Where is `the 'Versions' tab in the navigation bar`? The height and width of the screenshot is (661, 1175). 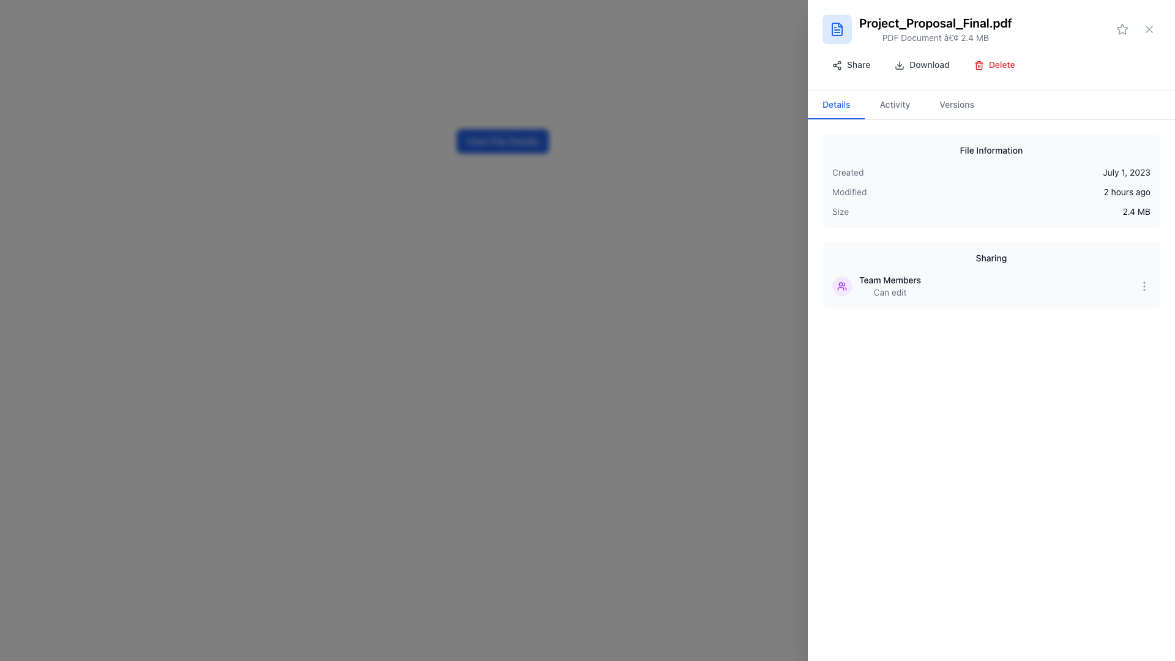 the 'Versions' tab in the navigation bar is located at coordinates (956, 105).